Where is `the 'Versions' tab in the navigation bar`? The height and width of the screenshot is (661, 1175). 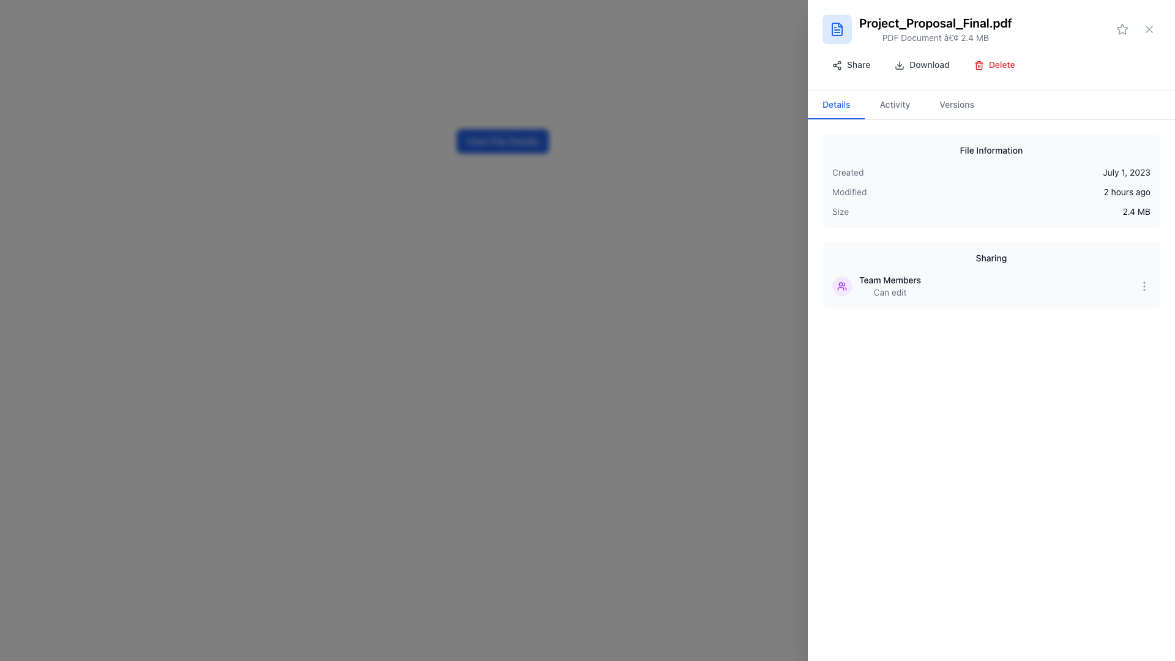 the 'Versions' tab in the navigation bar is located at coordinates (956, 105).